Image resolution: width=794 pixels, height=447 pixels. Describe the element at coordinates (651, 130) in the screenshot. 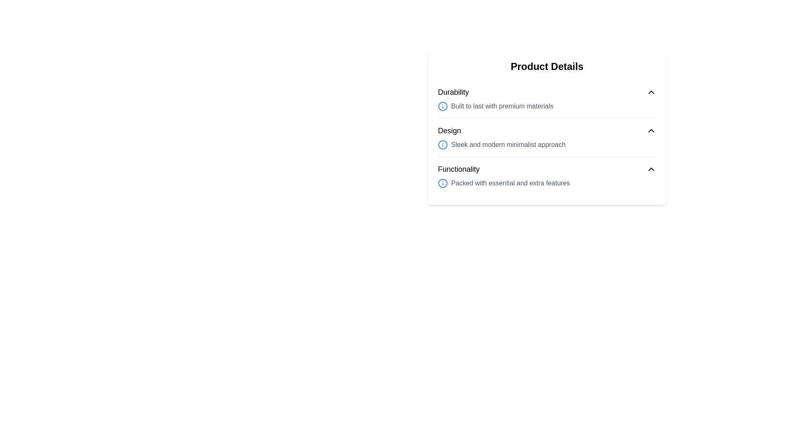

I see `the collapsible icon located to the right of the 'Design' header text in the 'Product Details' panel` at that location.